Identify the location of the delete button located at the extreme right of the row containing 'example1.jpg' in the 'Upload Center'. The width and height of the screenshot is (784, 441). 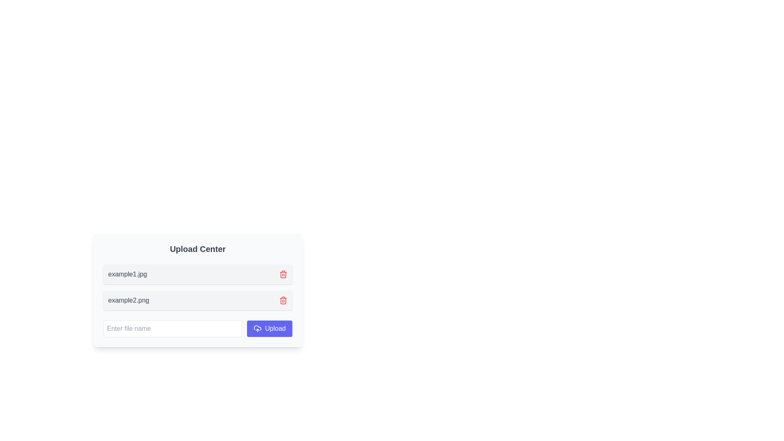
(283, 274).